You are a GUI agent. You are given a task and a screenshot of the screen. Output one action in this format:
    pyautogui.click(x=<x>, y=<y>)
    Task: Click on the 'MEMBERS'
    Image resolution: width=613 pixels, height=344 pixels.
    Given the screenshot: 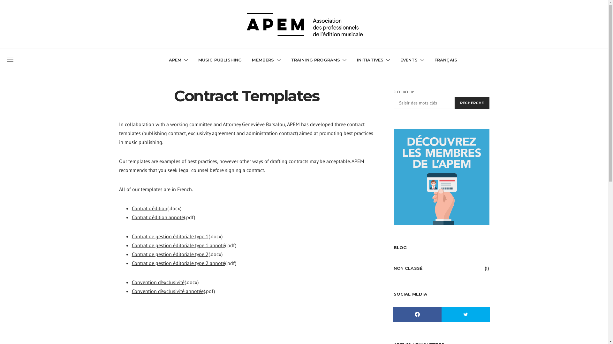 What is the action you would take?
    pyautogui.click(x=266, y=60)
    